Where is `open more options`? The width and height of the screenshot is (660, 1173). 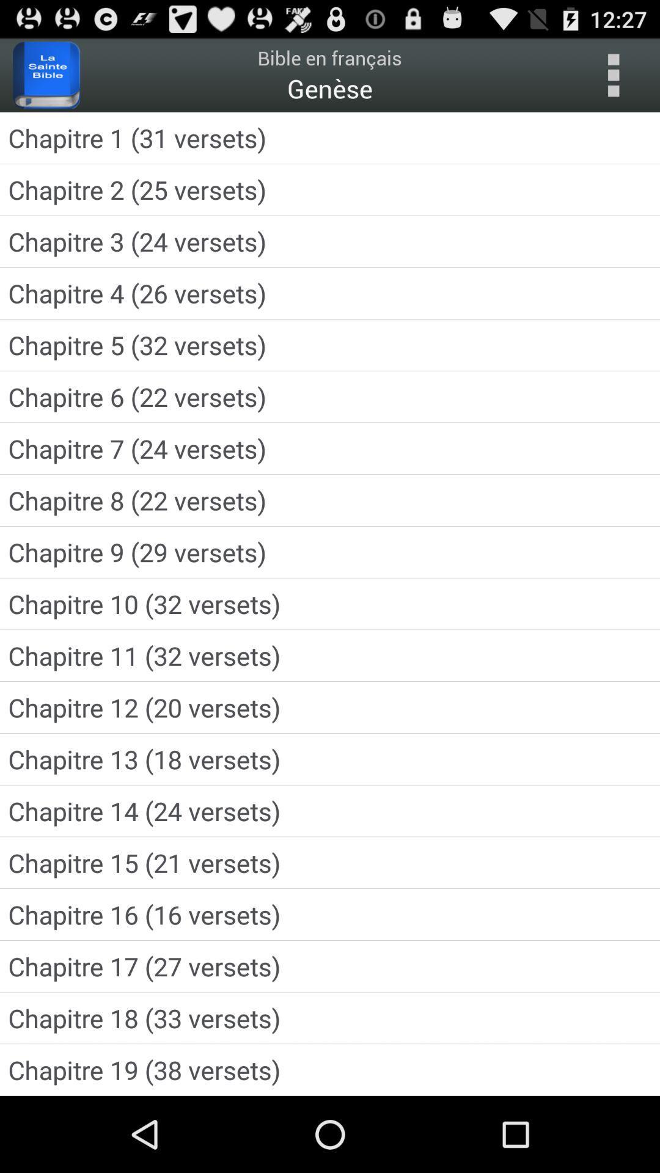 open more options is located at coordinates (613, 75).